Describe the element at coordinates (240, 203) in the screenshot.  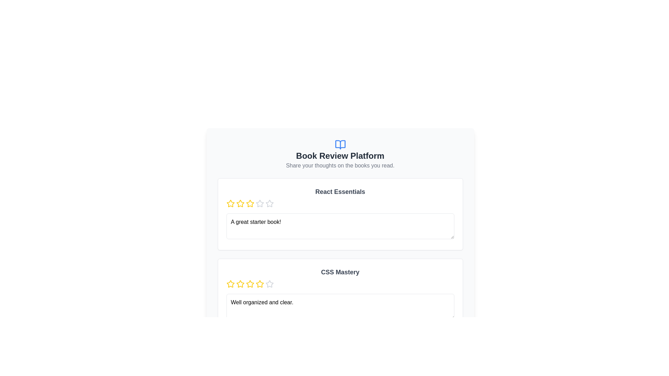
I see `the second star icon in the rating system for the 'React Essentials' section` at that location.